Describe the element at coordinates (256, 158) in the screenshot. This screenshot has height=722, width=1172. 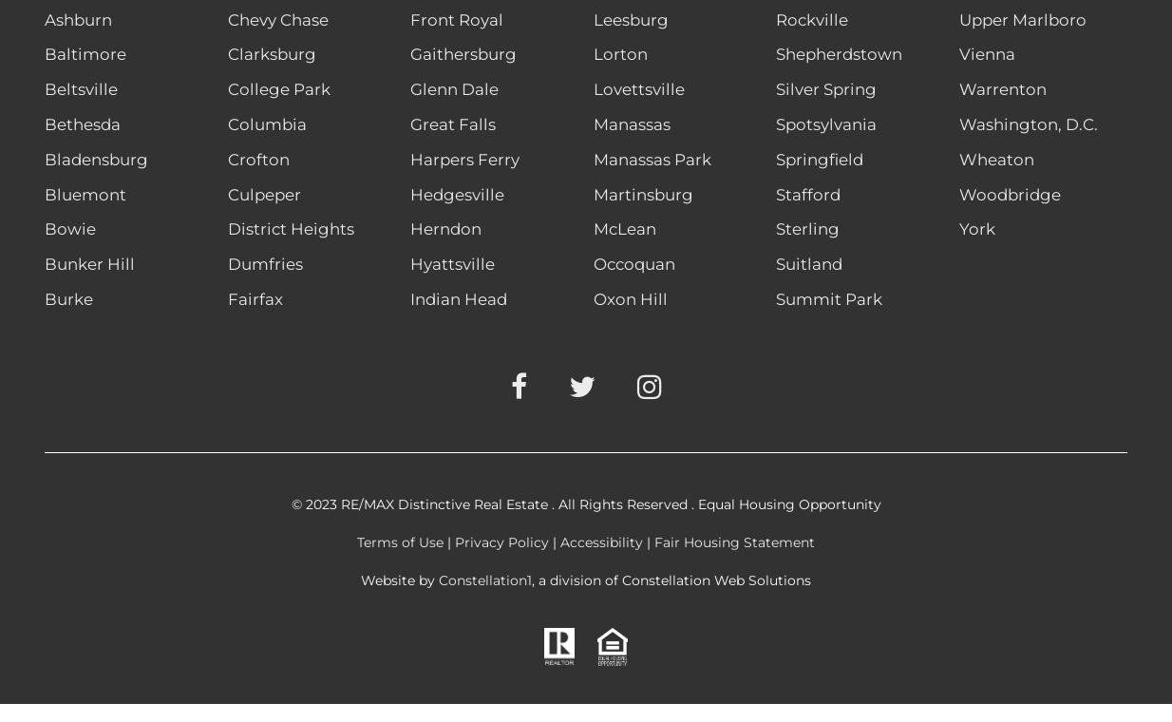
I see `'Crofton'` at that location.